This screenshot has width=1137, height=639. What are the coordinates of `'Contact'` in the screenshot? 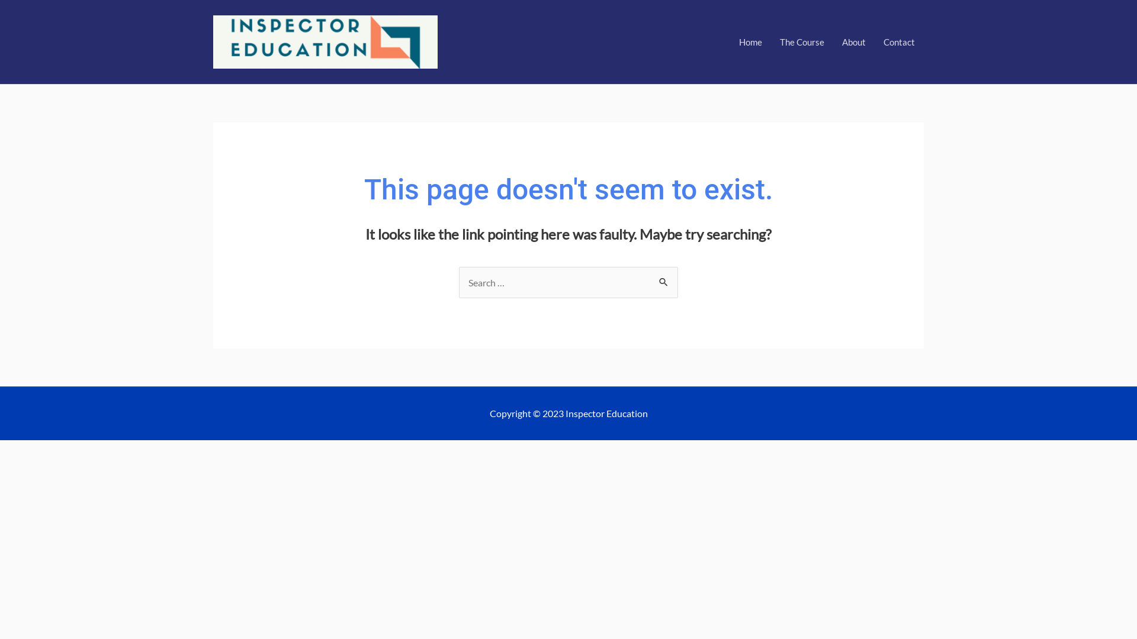 It's located at (899, 41).